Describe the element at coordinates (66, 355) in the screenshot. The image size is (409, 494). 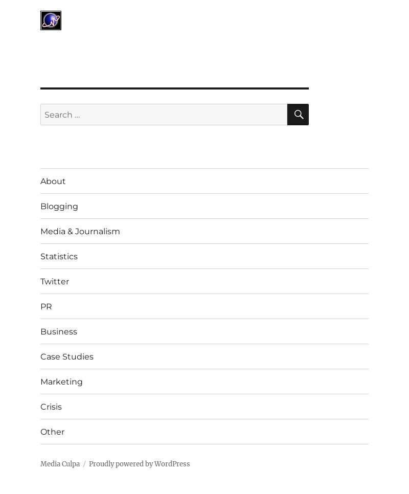
I see `'Case Studies'` at that location.